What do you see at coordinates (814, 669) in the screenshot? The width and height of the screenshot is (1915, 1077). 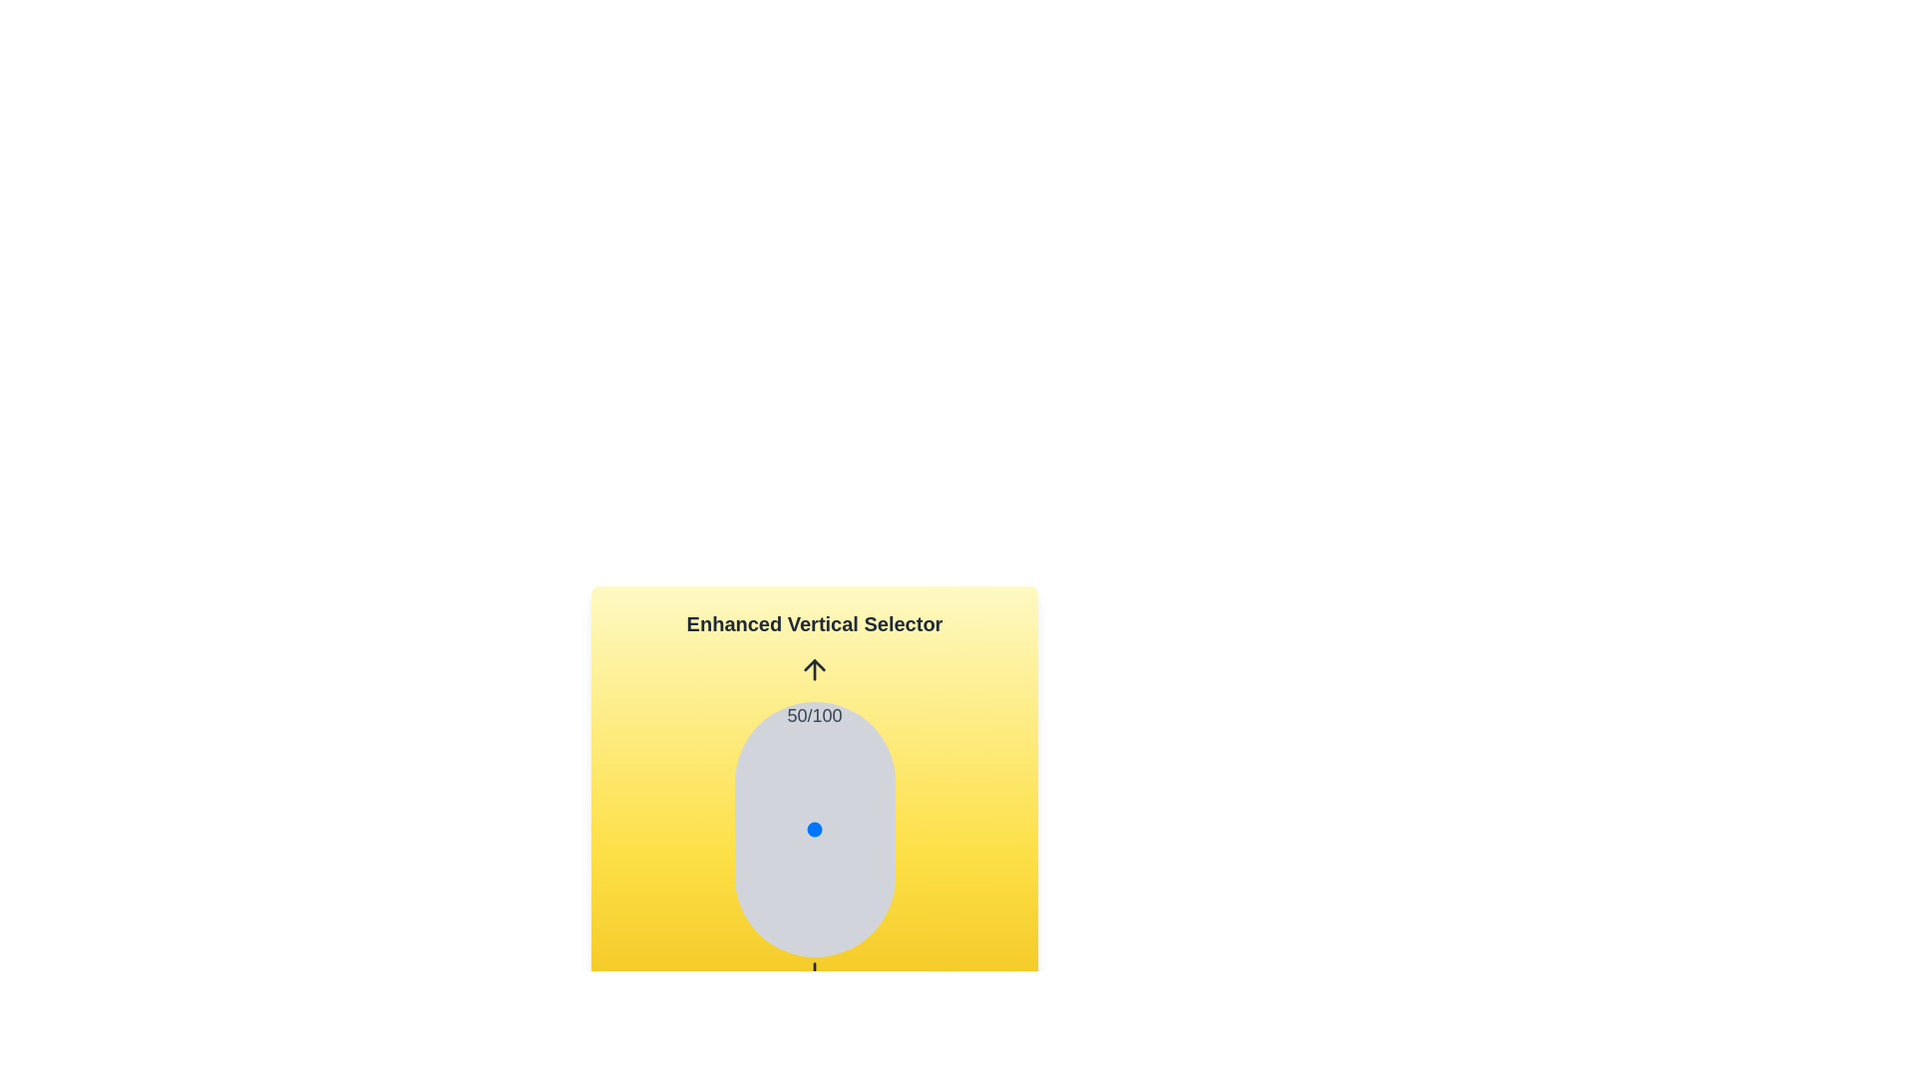 I see `the up arrow icon to increment the value` at bounding box center [814, 669].